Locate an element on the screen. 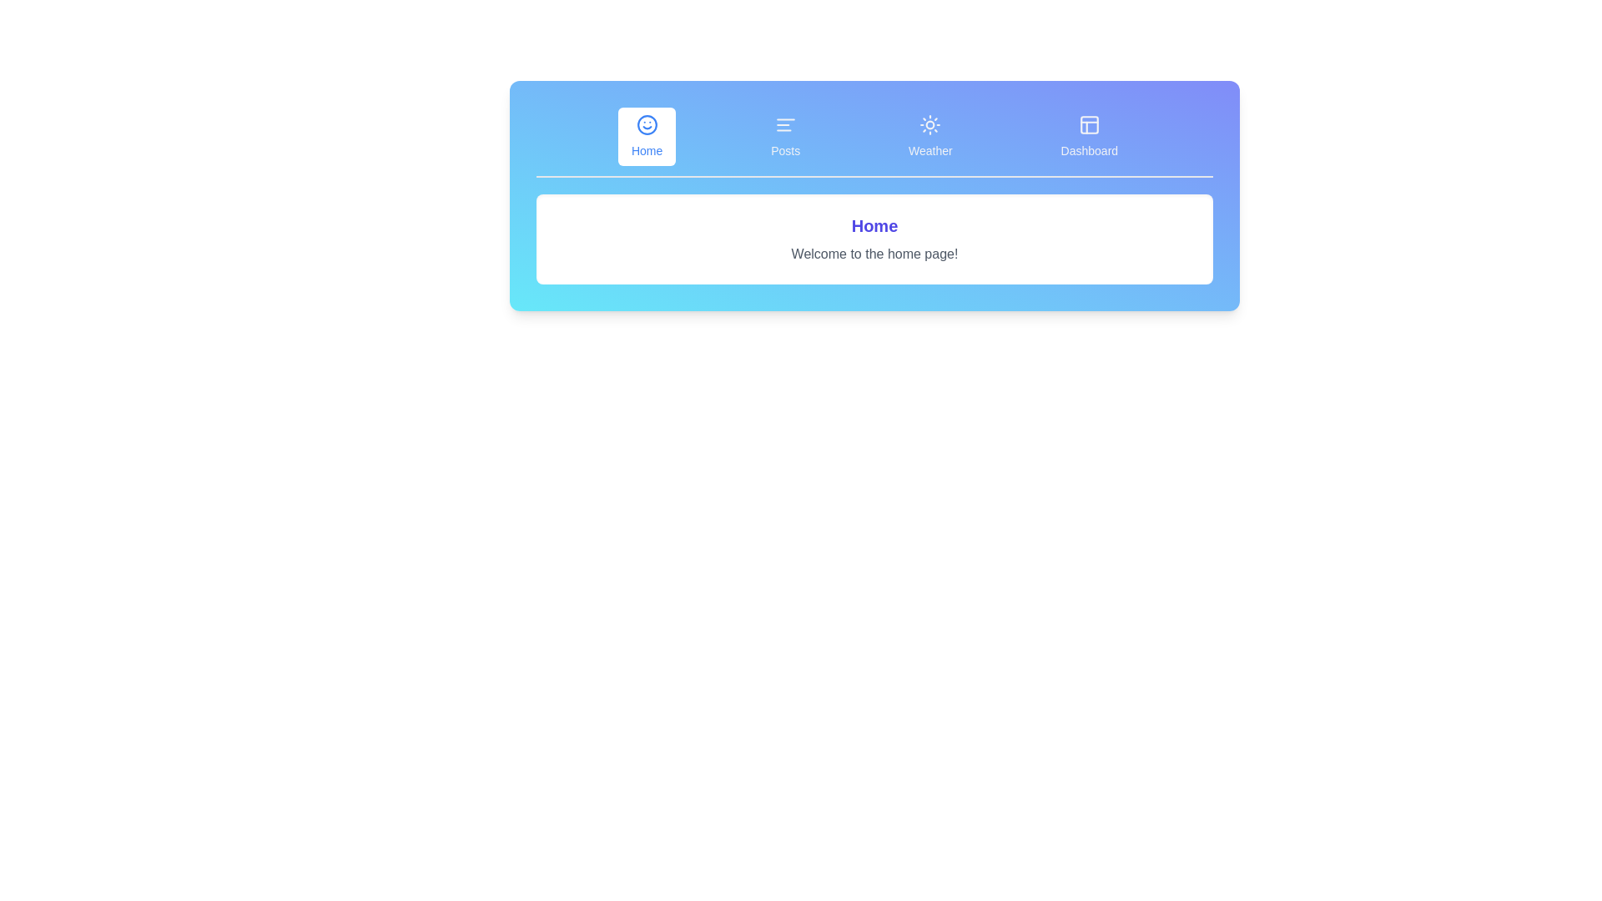  the tab labeled Home is located at coordinates (646, 136).